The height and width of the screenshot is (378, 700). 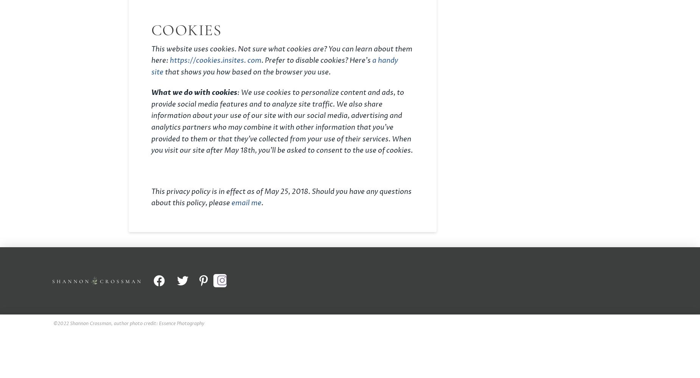 What do you see at coordinates (282, 55) in the screenshot?
I see `'This website uses cookies. Not sure what cookies are? You can learn about them here:'` at bounding box center [282, 55].